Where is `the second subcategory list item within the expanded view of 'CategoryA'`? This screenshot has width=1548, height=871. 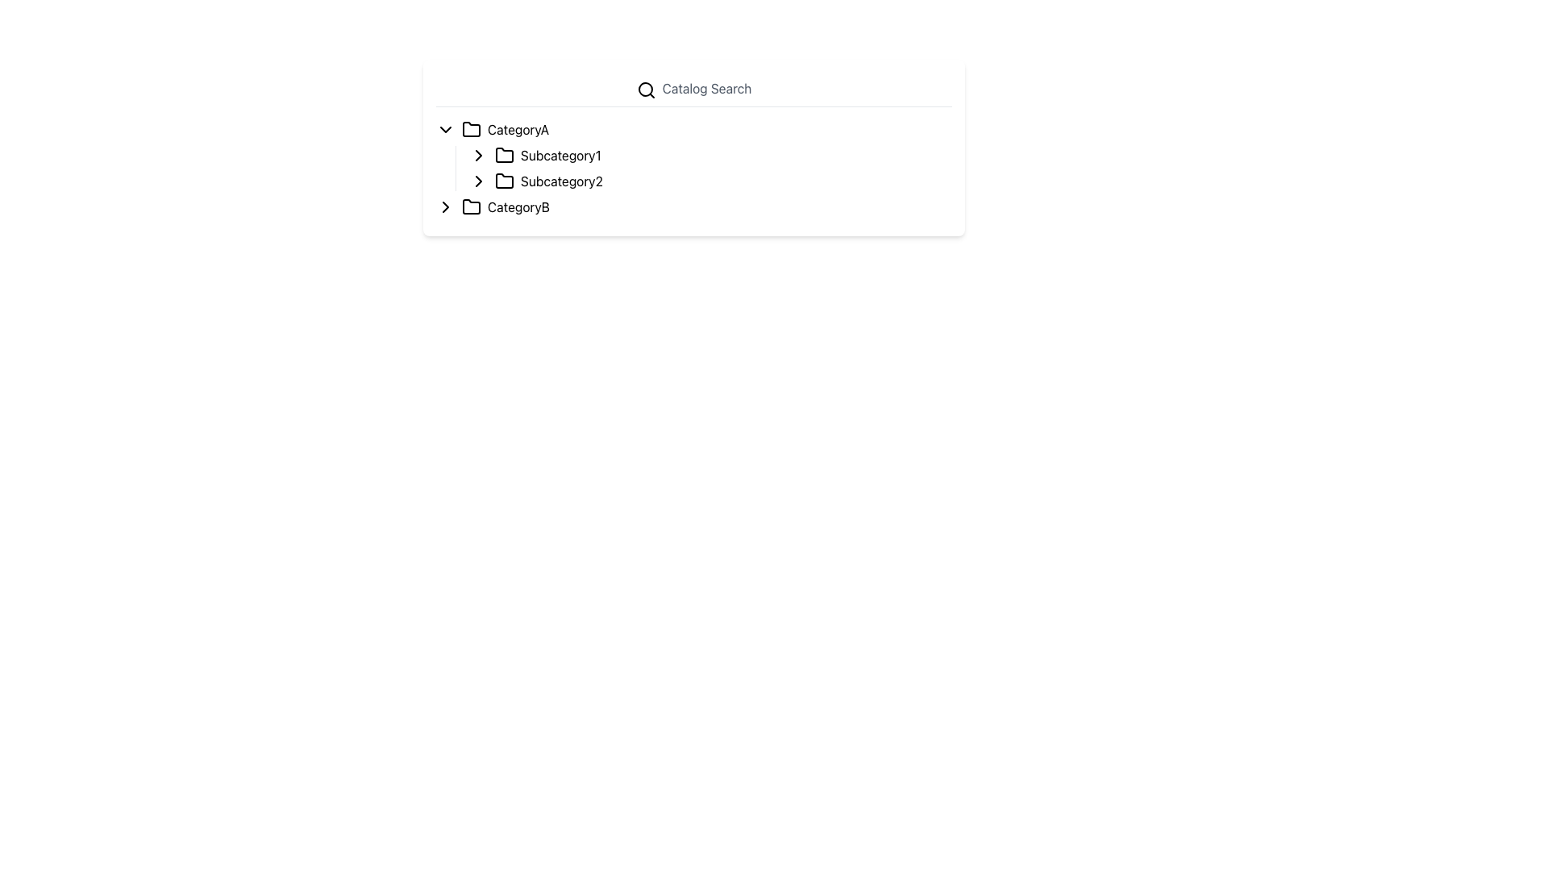
the second subcategory list item within the expanded view of 'CategoryA' is located at coordinates (709, 181).